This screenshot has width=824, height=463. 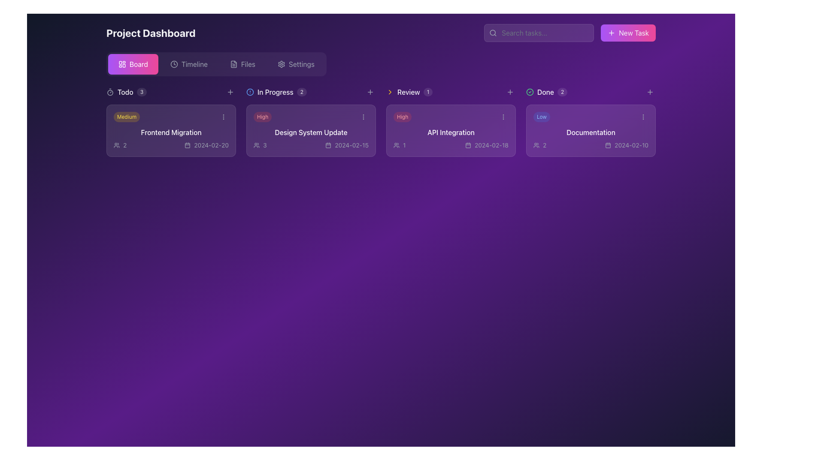 I want to click on the Text Label indicating the due date for the task 'Frontend Migration', located at the bottom-right corner of the task card within the 'Todo' section, so click(x=211, y=145).